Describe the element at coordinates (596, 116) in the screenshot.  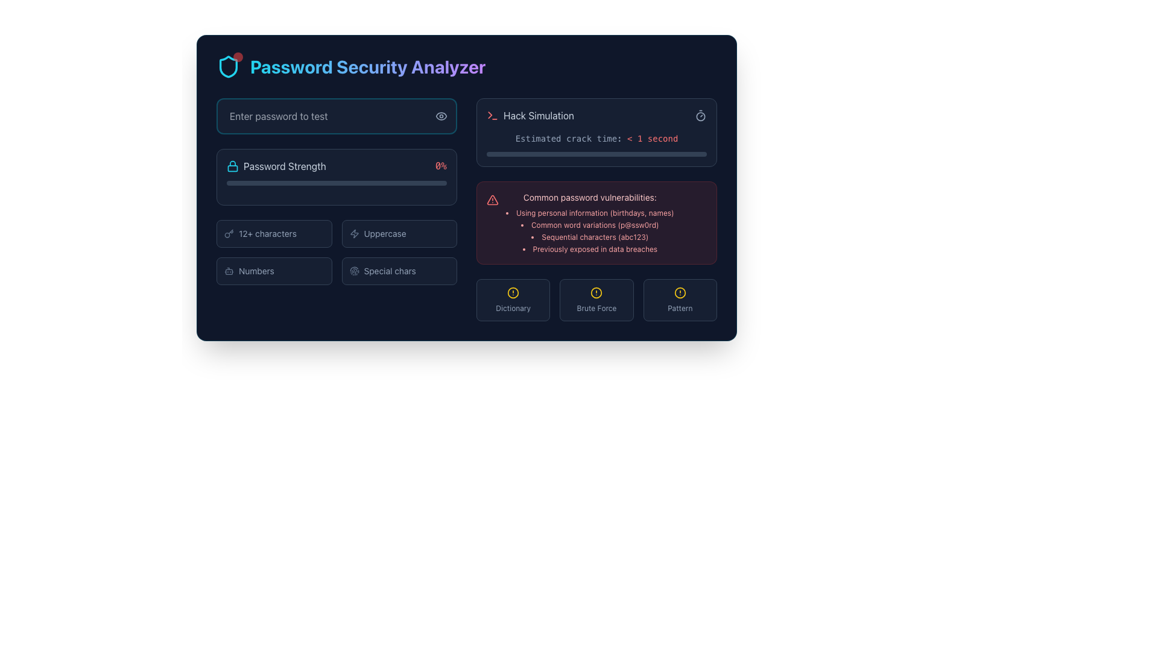
I see `the 'Hack Simulation' Text Label with Icons, which features a red command-line-style icon on the left and a timer icon on the right, located above the text 'Estimated crack time: < 1 second'` at that location.